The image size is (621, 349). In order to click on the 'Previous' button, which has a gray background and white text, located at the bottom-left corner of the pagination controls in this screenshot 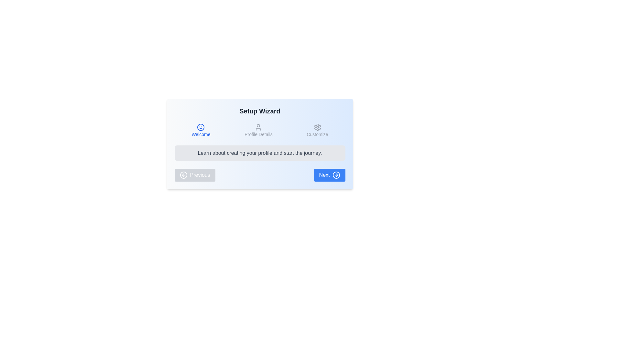, I will do `click(194, 175)`.